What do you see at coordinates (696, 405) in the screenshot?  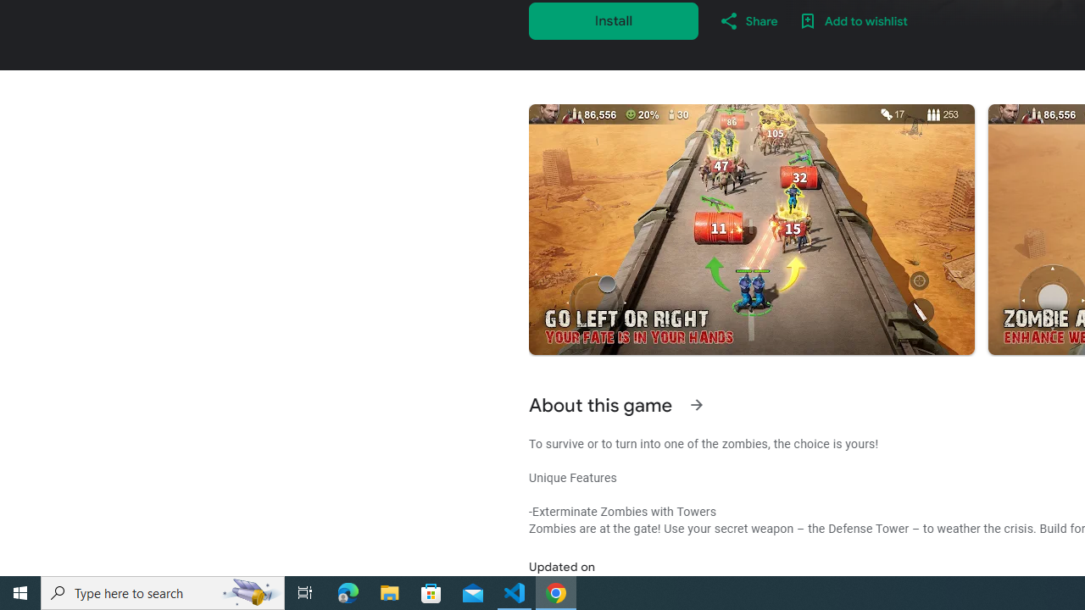 I see `'See more information on About this game'` at bounding box center [696, 405].